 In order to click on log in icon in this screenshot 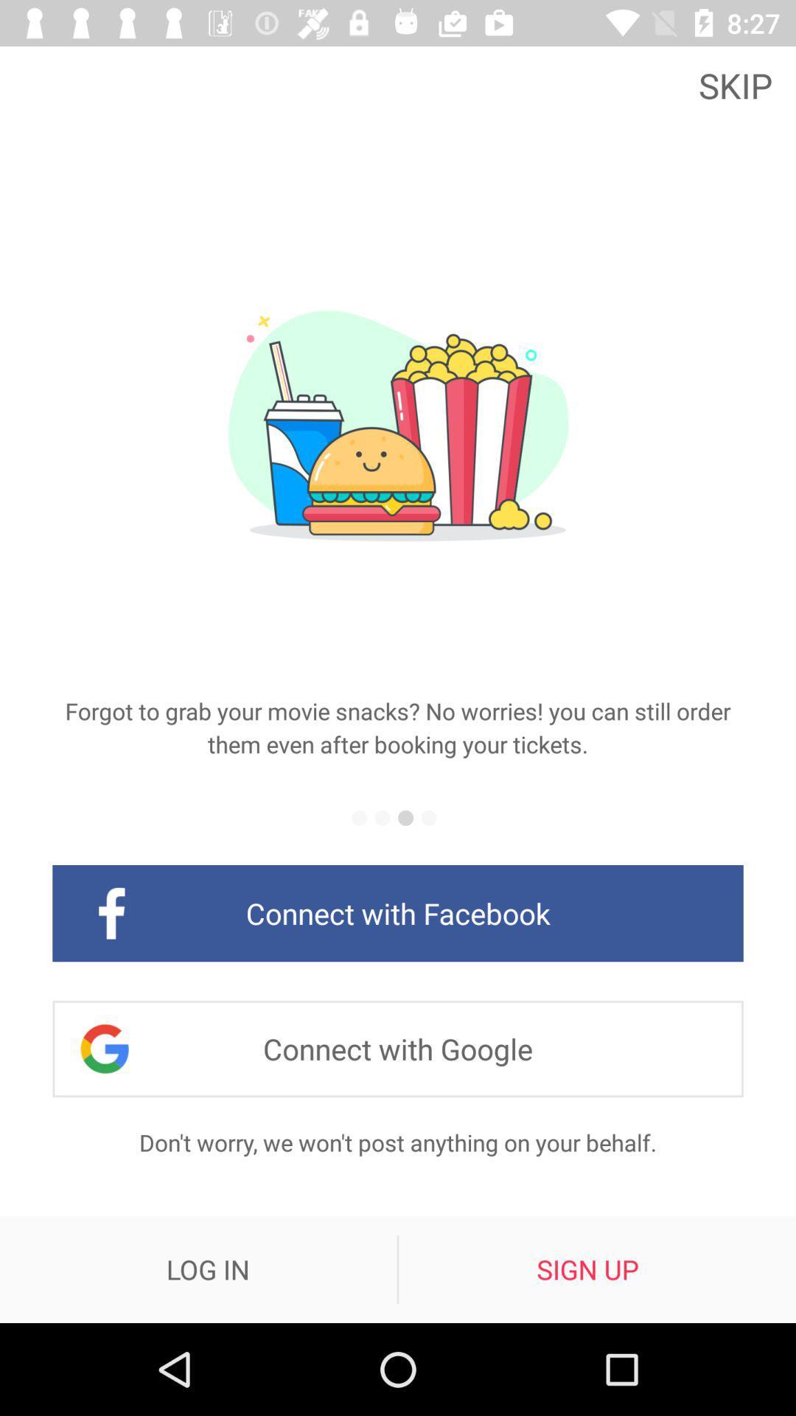, I will do `click(208, 1268)`.